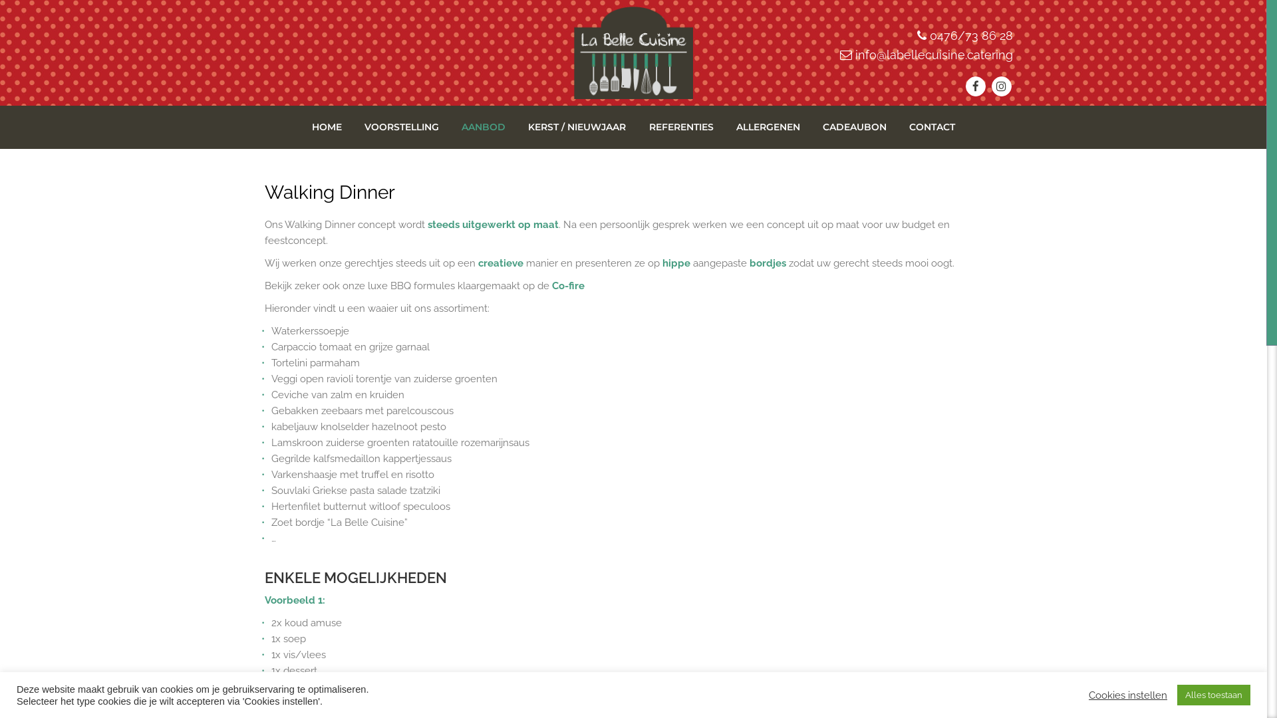 The image size is (1277, 718). I want to click on 'CONTACT', so click(931, 127).